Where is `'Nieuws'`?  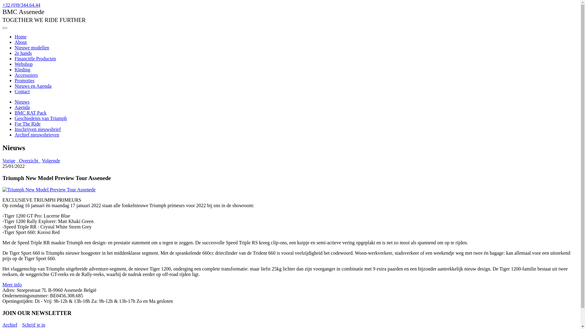 'Nieuws' is located at coordinates (22, 101).